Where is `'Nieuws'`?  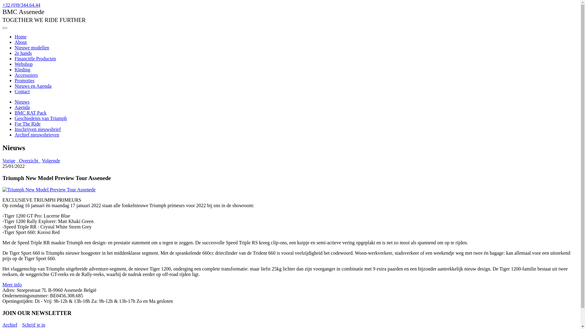 'Nieuws' is located at coordinates (22, 101).